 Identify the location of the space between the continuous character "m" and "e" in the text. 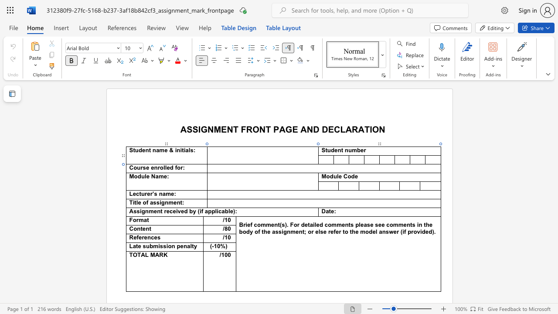
(163, 177).